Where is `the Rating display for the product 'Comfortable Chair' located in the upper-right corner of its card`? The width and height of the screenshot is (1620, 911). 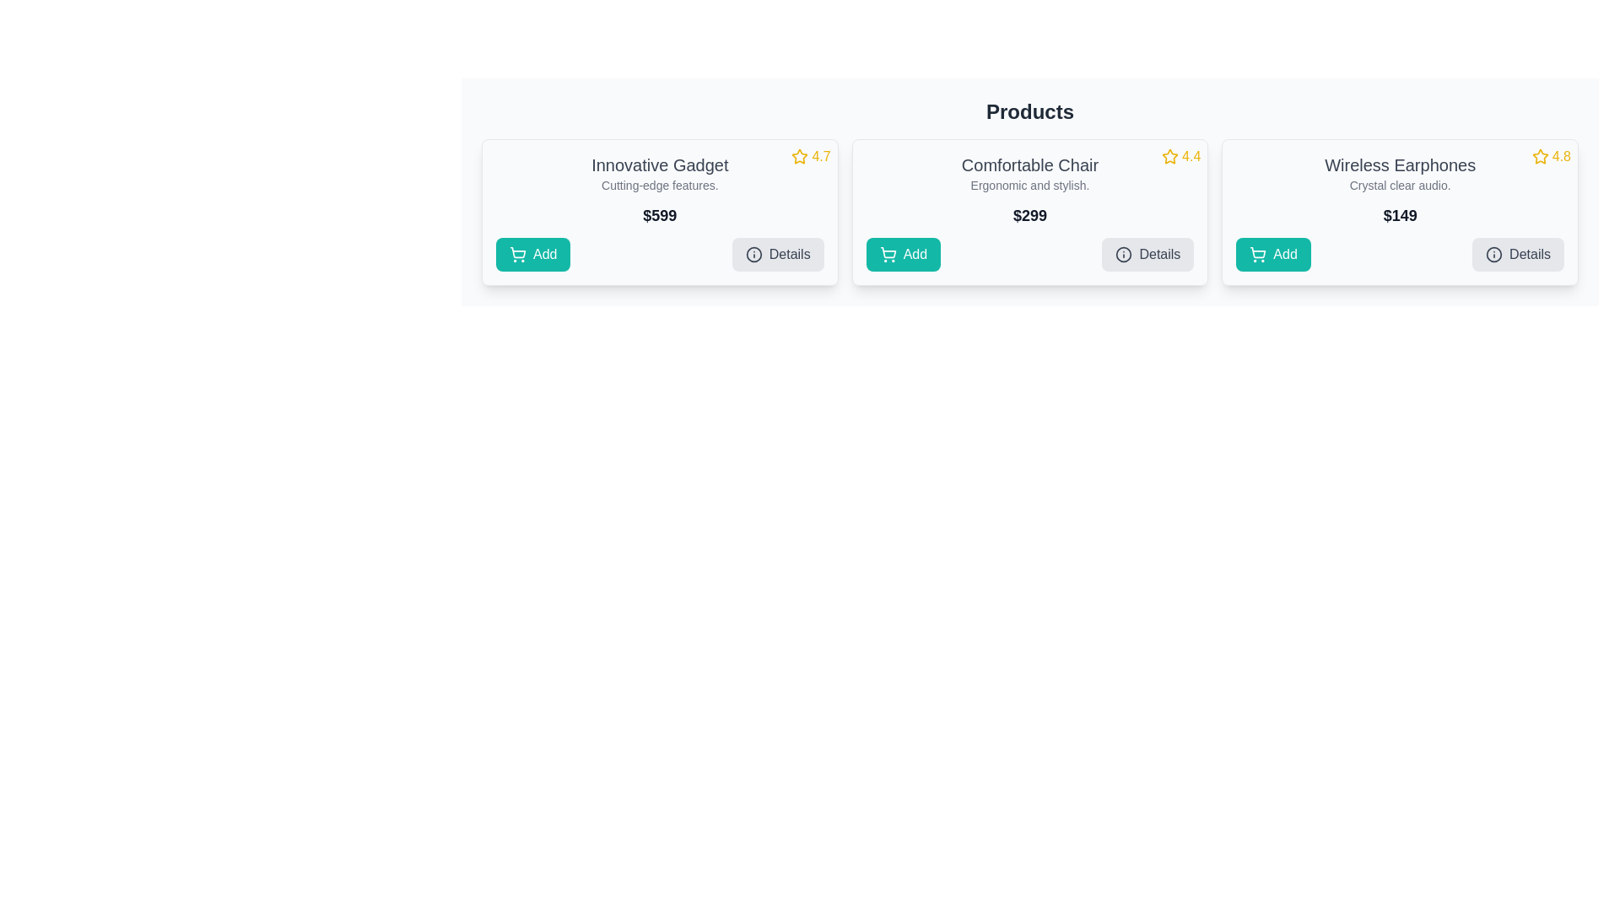 the Rating display for the product 'Comfortable Chair' located in the upper-right corner of its card is located at coordinates (1180, 156).